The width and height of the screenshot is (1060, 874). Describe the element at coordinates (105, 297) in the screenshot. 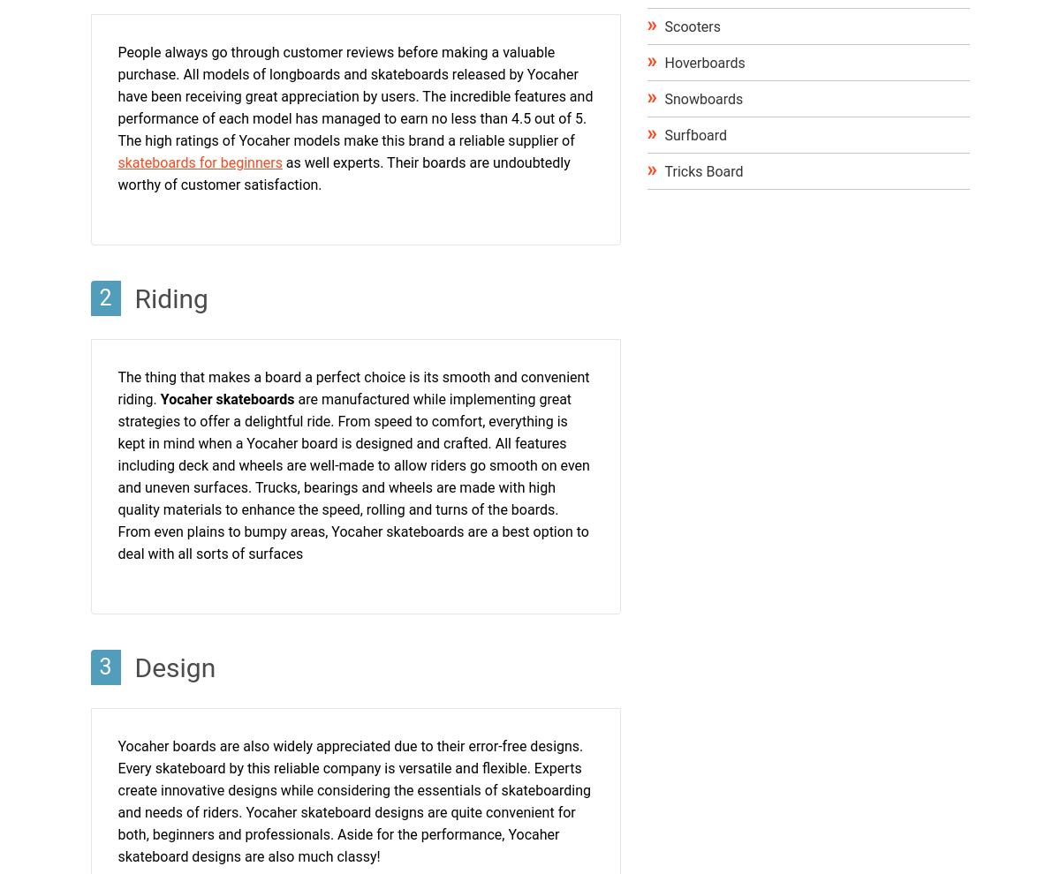

I see `'2'` at that location.